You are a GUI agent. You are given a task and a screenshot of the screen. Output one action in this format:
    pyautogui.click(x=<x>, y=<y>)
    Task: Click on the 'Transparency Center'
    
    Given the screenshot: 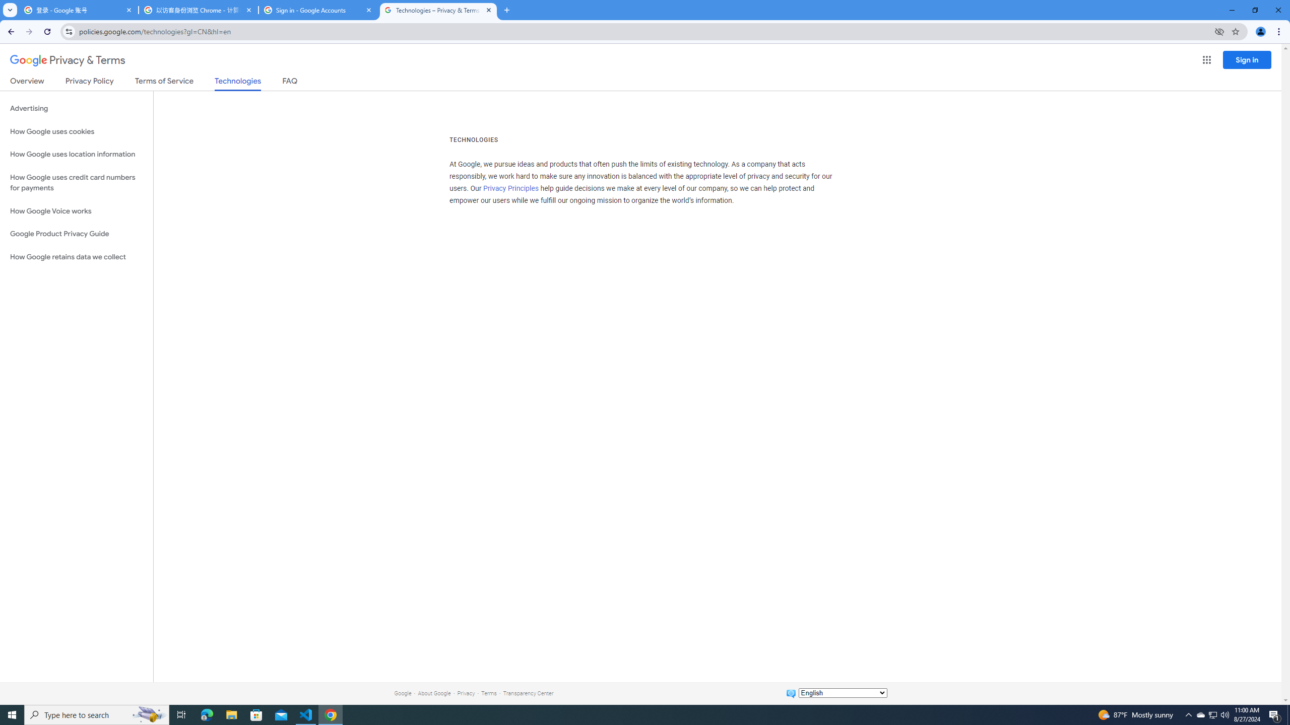 What is the action you would take?
    pyautogui.click(x=528, y=693)
    